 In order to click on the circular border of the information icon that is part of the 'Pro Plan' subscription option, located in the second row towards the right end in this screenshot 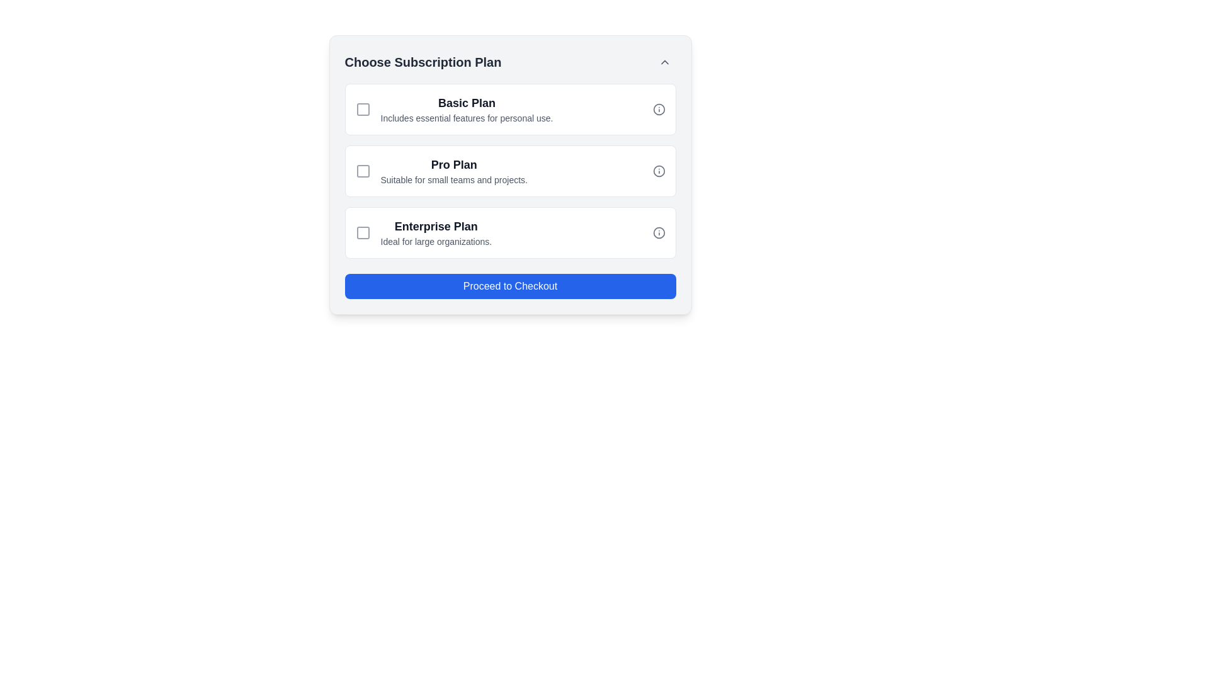, I will do `click(658, 171)`.